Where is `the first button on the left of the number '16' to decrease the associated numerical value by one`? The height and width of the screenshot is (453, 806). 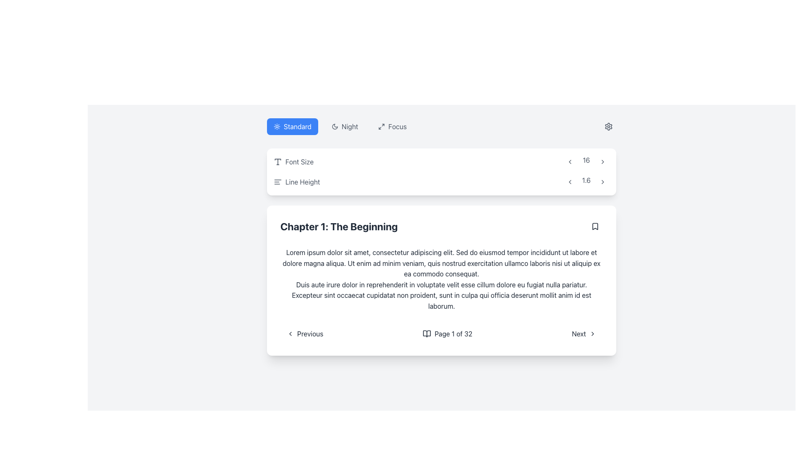 the first button on the left of the number '16' to decrease the associated numerical value by one is located at coordinates (570, 161).